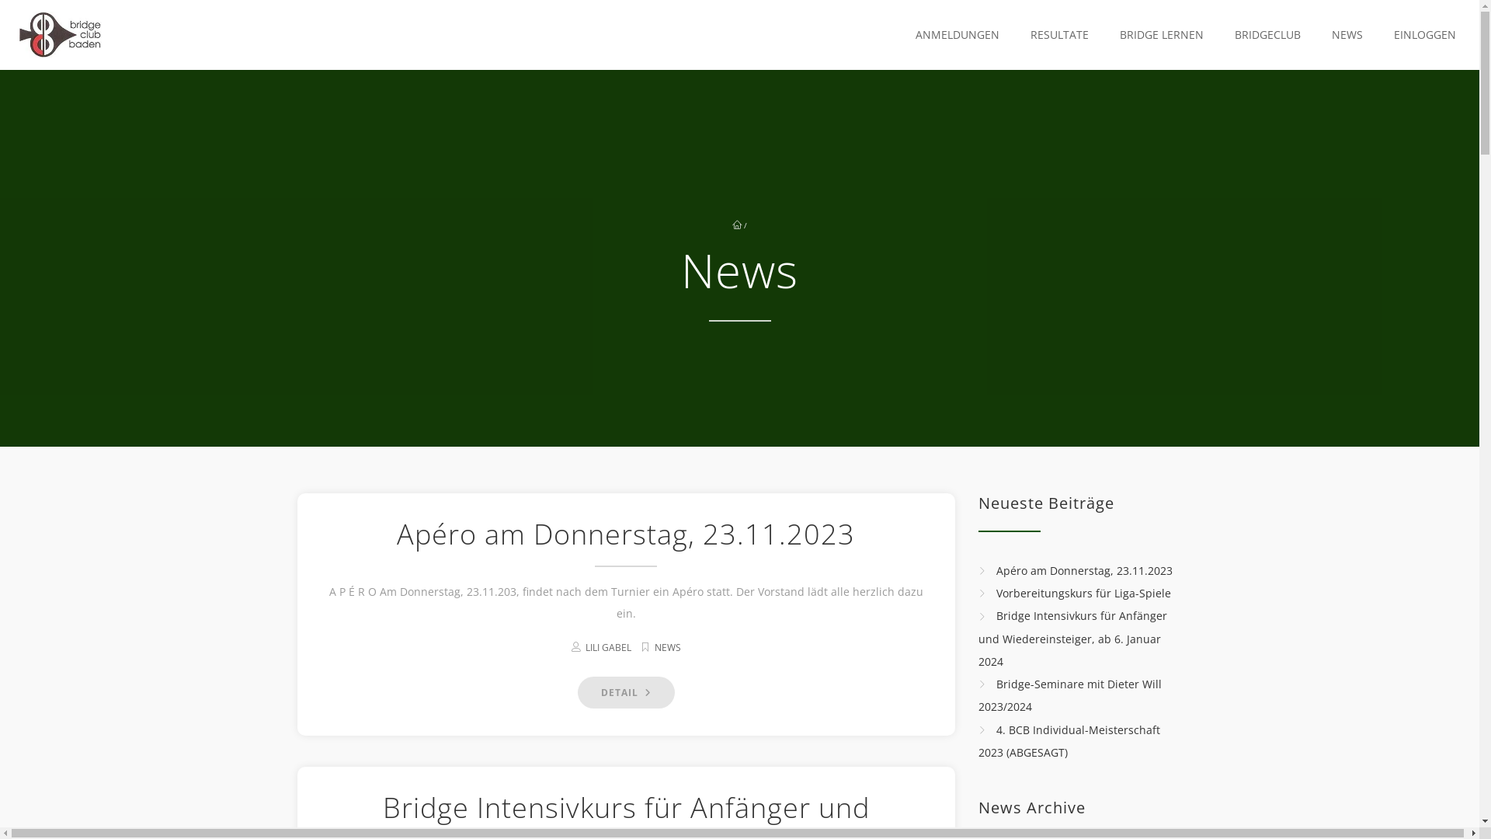 The width and height of the screenshot is (1491, 839). Describe the element at coordinates (1069, 740) in the screenshot. I see `'4. BCB Individual-Meisterschaft 2023 (ABGESAGT)'` at that location.